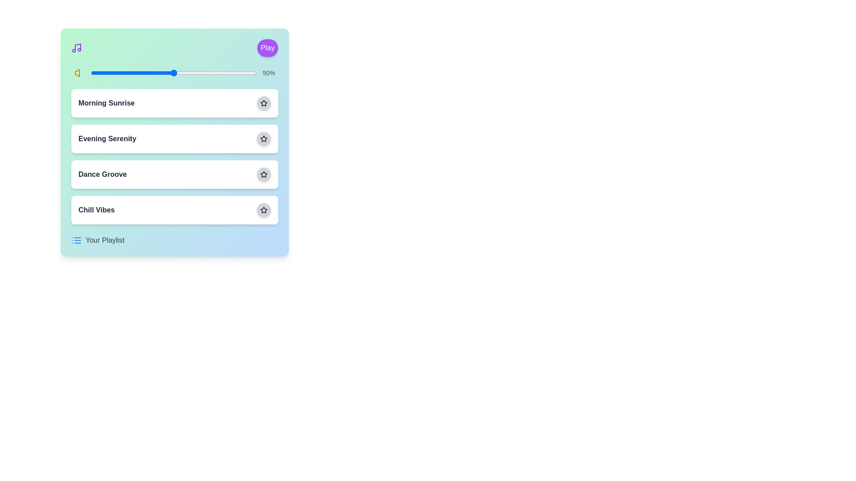 The image size is (856, 481). I want to click on the music playback button located at the top-right corner of the music player, so click(267, 48).